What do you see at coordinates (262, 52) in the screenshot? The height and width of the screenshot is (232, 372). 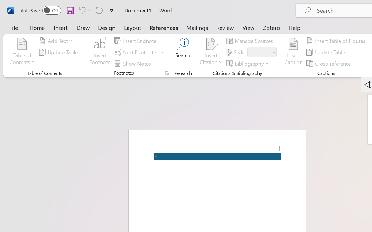 I see `'Style'` at bounding box center [262, 52].